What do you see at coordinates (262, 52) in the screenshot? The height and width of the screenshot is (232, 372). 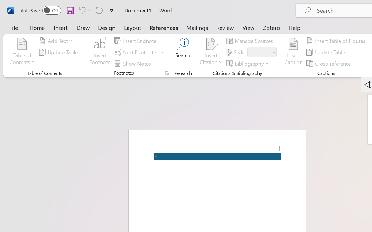 I see `'Style'` at bounding box center [262, 52].